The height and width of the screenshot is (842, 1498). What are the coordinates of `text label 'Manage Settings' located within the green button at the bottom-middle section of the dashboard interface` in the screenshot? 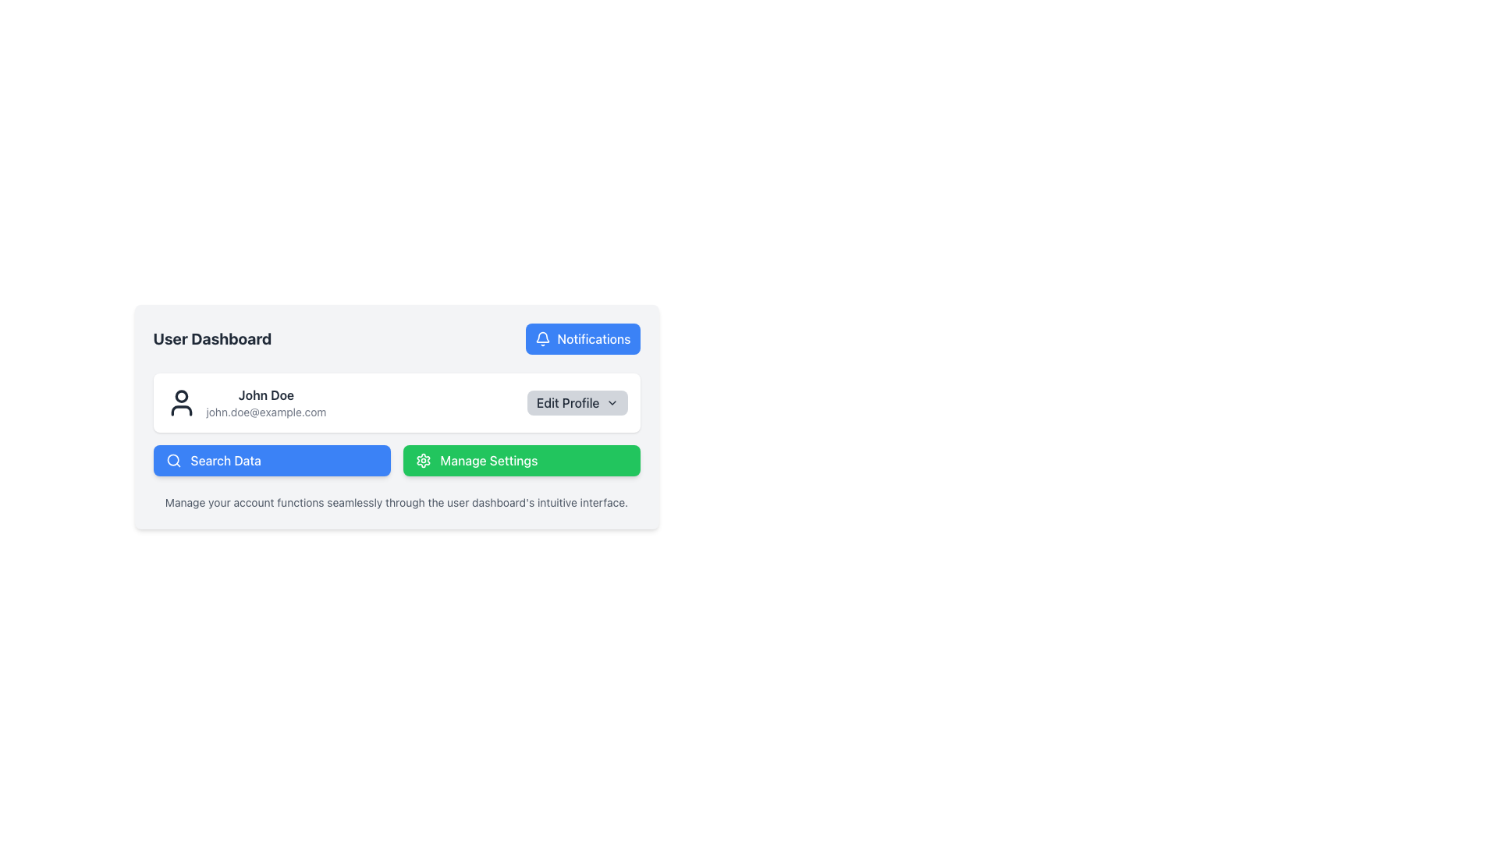 It's located at (488, 459).